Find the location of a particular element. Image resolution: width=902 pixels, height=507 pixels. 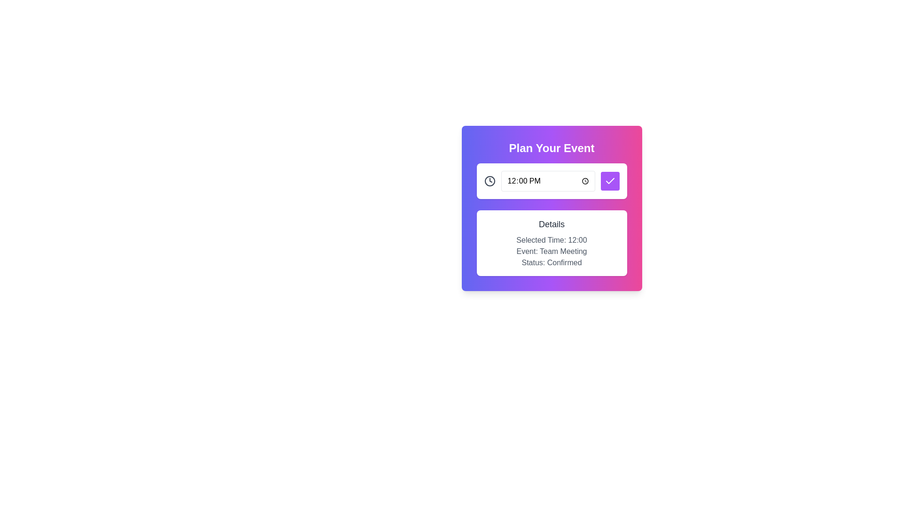

the Informational panel or card that displays detailed information about a planned event, located below the input section in the 'Plan Your Event' card is located at coordinates (552, 242).